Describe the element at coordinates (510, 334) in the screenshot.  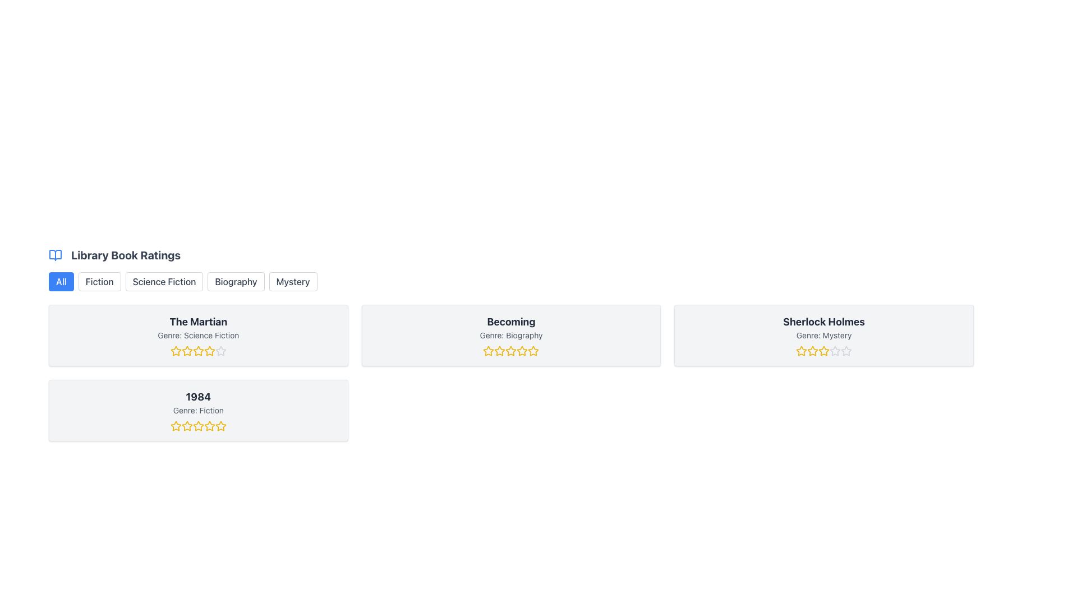
I see `the information displayed on the second book card in the library system, which includes the title, genre, and rating` at that location.